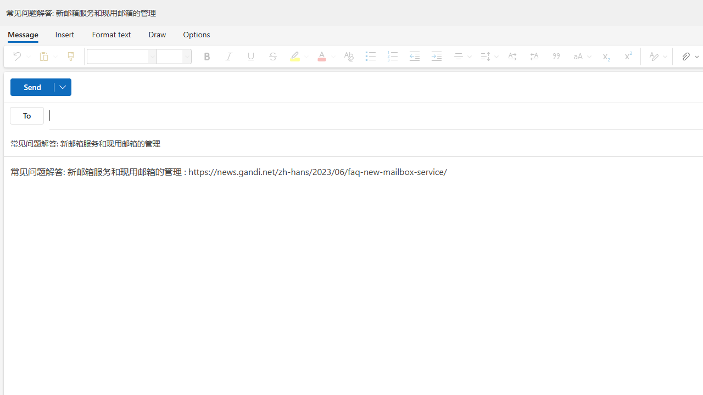 This screenshot has width=703, height=395. Describe the element at coordinates (70, 56) in the screenshot. I see `'Format painter'` at that location.